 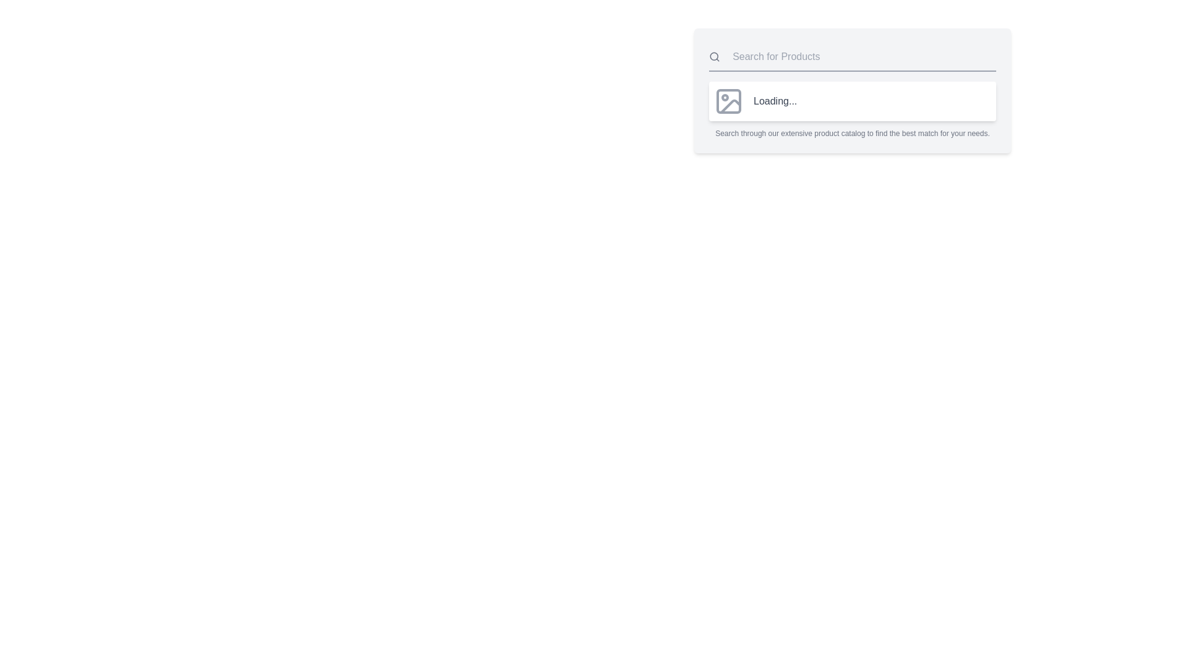 I want to click on the loading indicator text label located in the middle-right section of the interface, which informs users that data or content is being loaded, so click(x=775, y=101).